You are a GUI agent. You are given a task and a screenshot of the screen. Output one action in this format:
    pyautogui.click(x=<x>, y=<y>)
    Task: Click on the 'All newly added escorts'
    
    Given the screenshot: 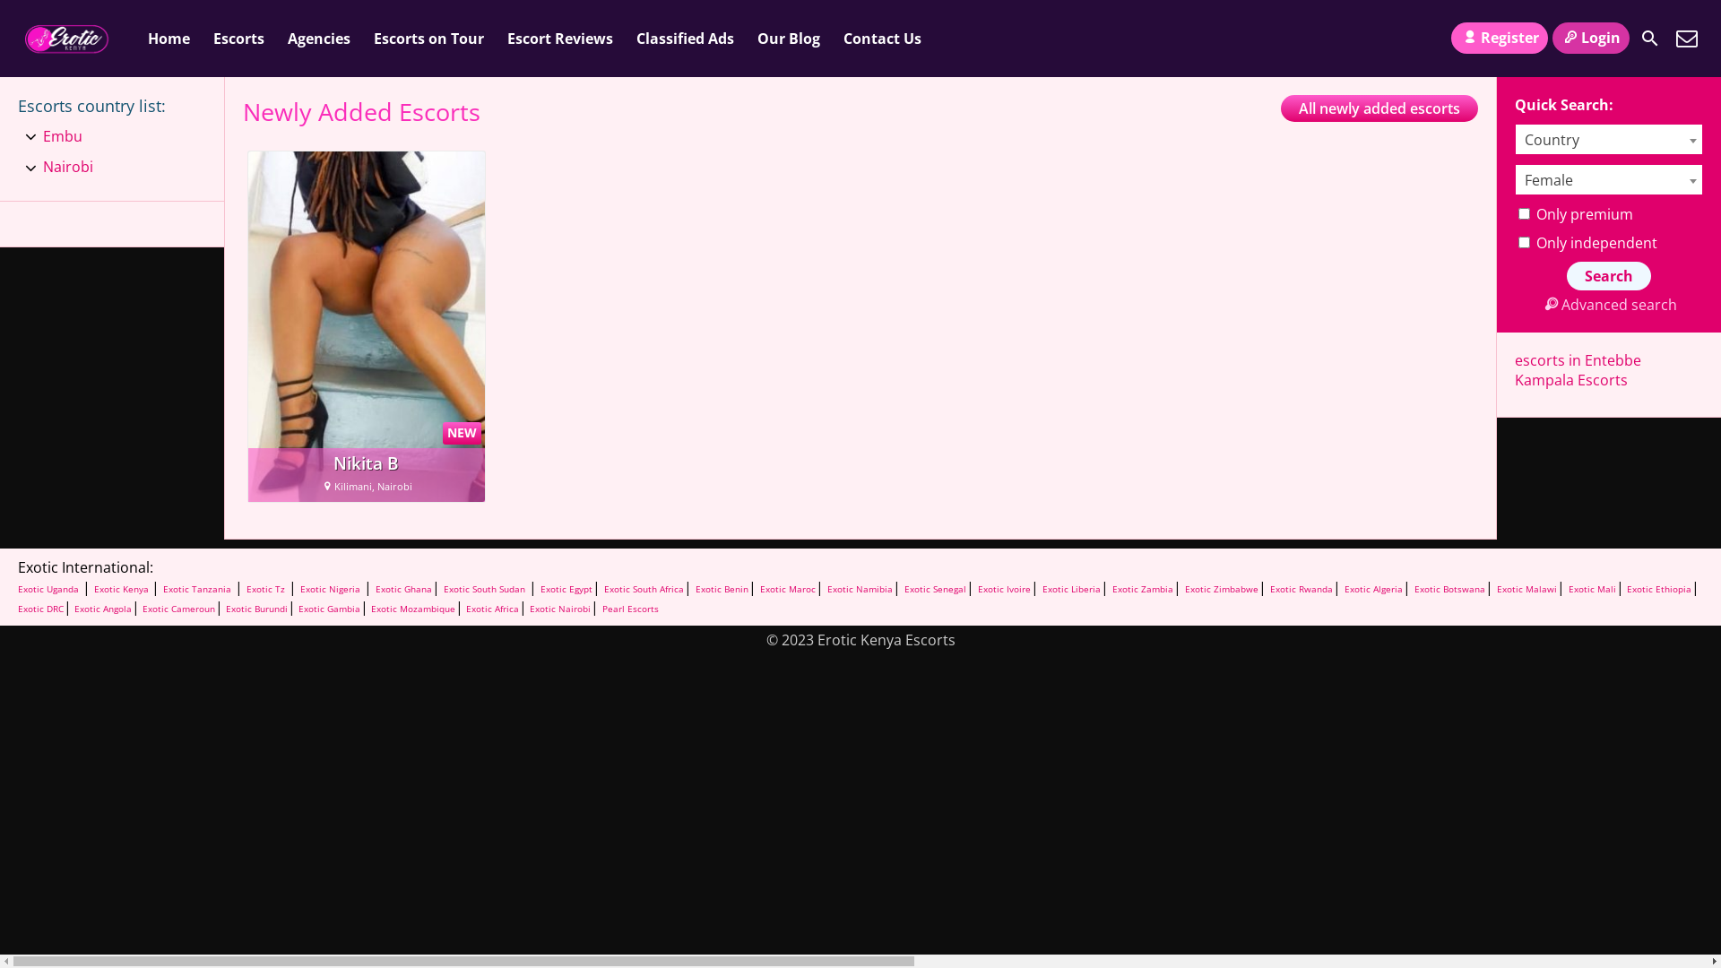 What is the action you would take?
    pyautogui.click(x=1379, y=108)
    